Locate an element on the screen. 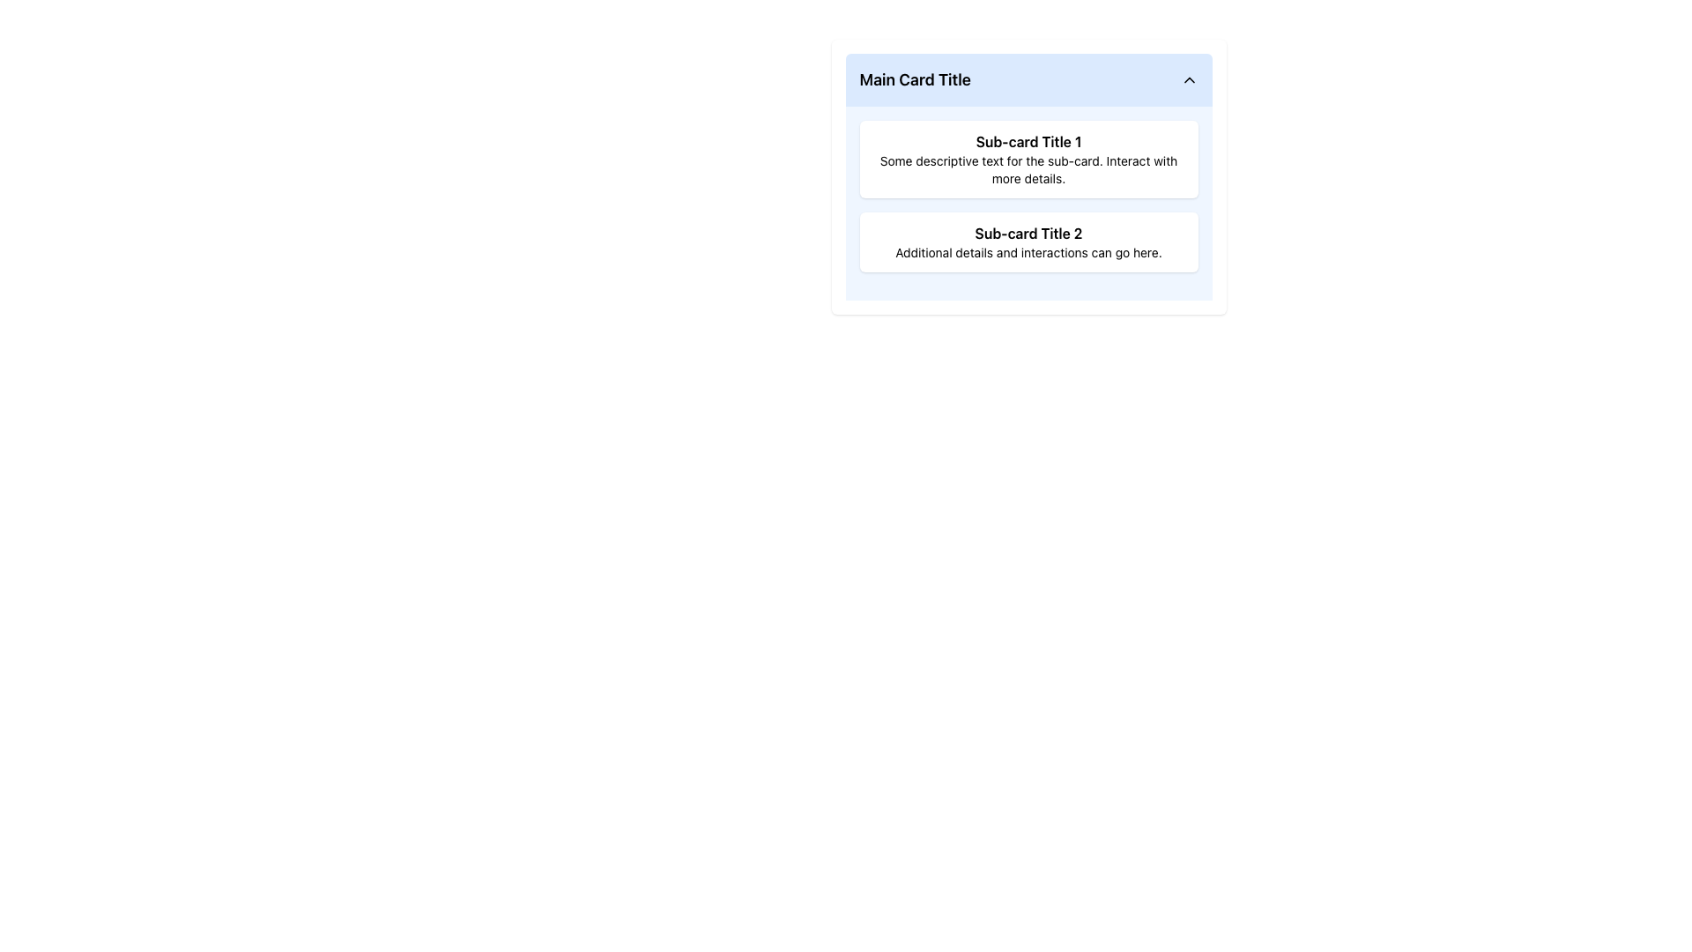 The width and height of the screenshot is (1692, 952). the upward-pointing triangular button in the upper-right corner of the light blue header section of the card titled 'Main Card Title' is located at coordinates (1189, 80).